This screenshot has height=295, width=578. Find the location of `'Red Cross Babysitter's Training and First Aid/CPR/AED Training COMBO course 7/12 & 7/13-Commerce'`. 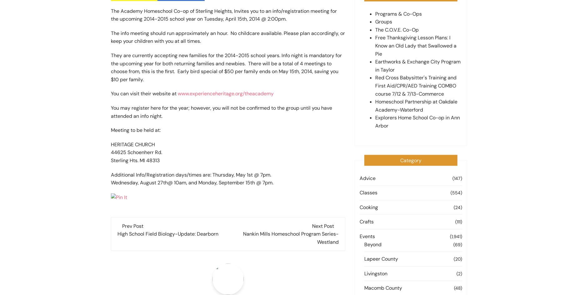

'Red Cross Babysitter's Training and First Aid/CPR/AED Training COMBO course 7/12 & 7/13-Commerce' is located at coordinates (416, 86).